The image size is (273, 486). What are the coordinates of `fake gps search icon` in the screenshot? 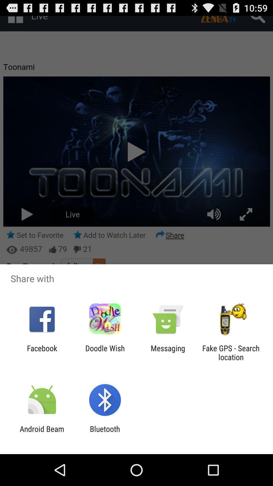 It's located at (231, 352).